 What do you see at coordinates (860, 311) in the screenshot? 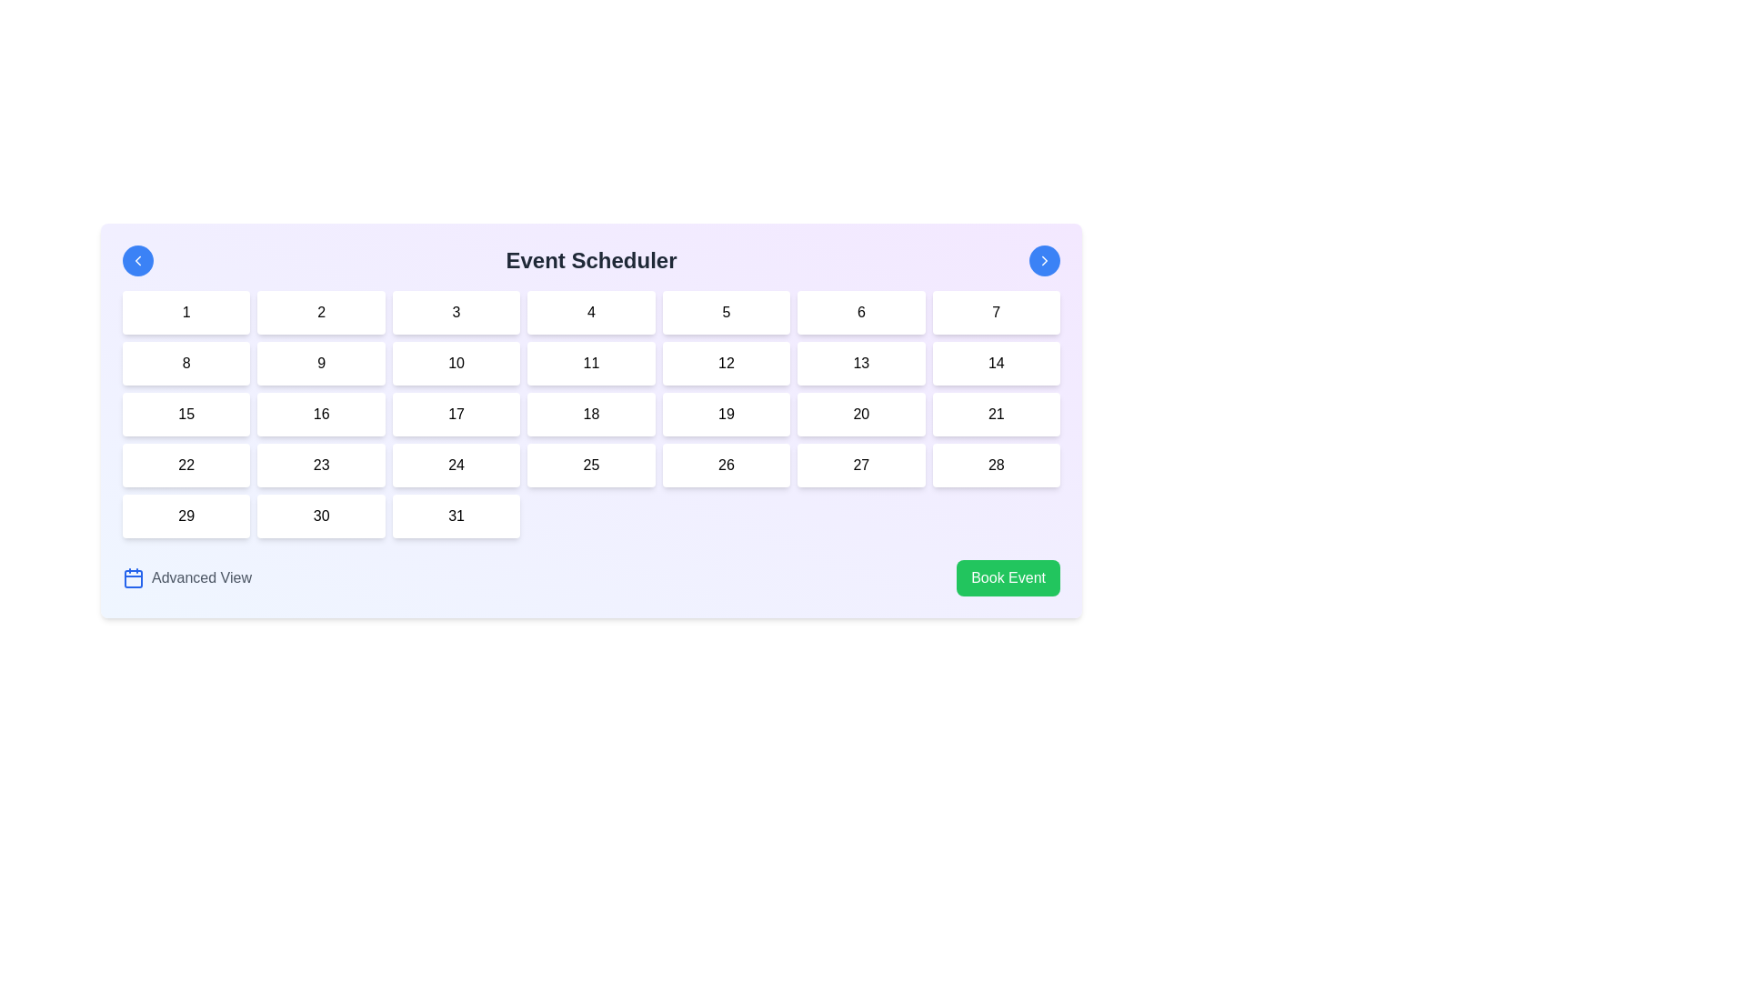
I see `the button representing the number '6' in the first row of the grid` at bounding box center [860, 311].